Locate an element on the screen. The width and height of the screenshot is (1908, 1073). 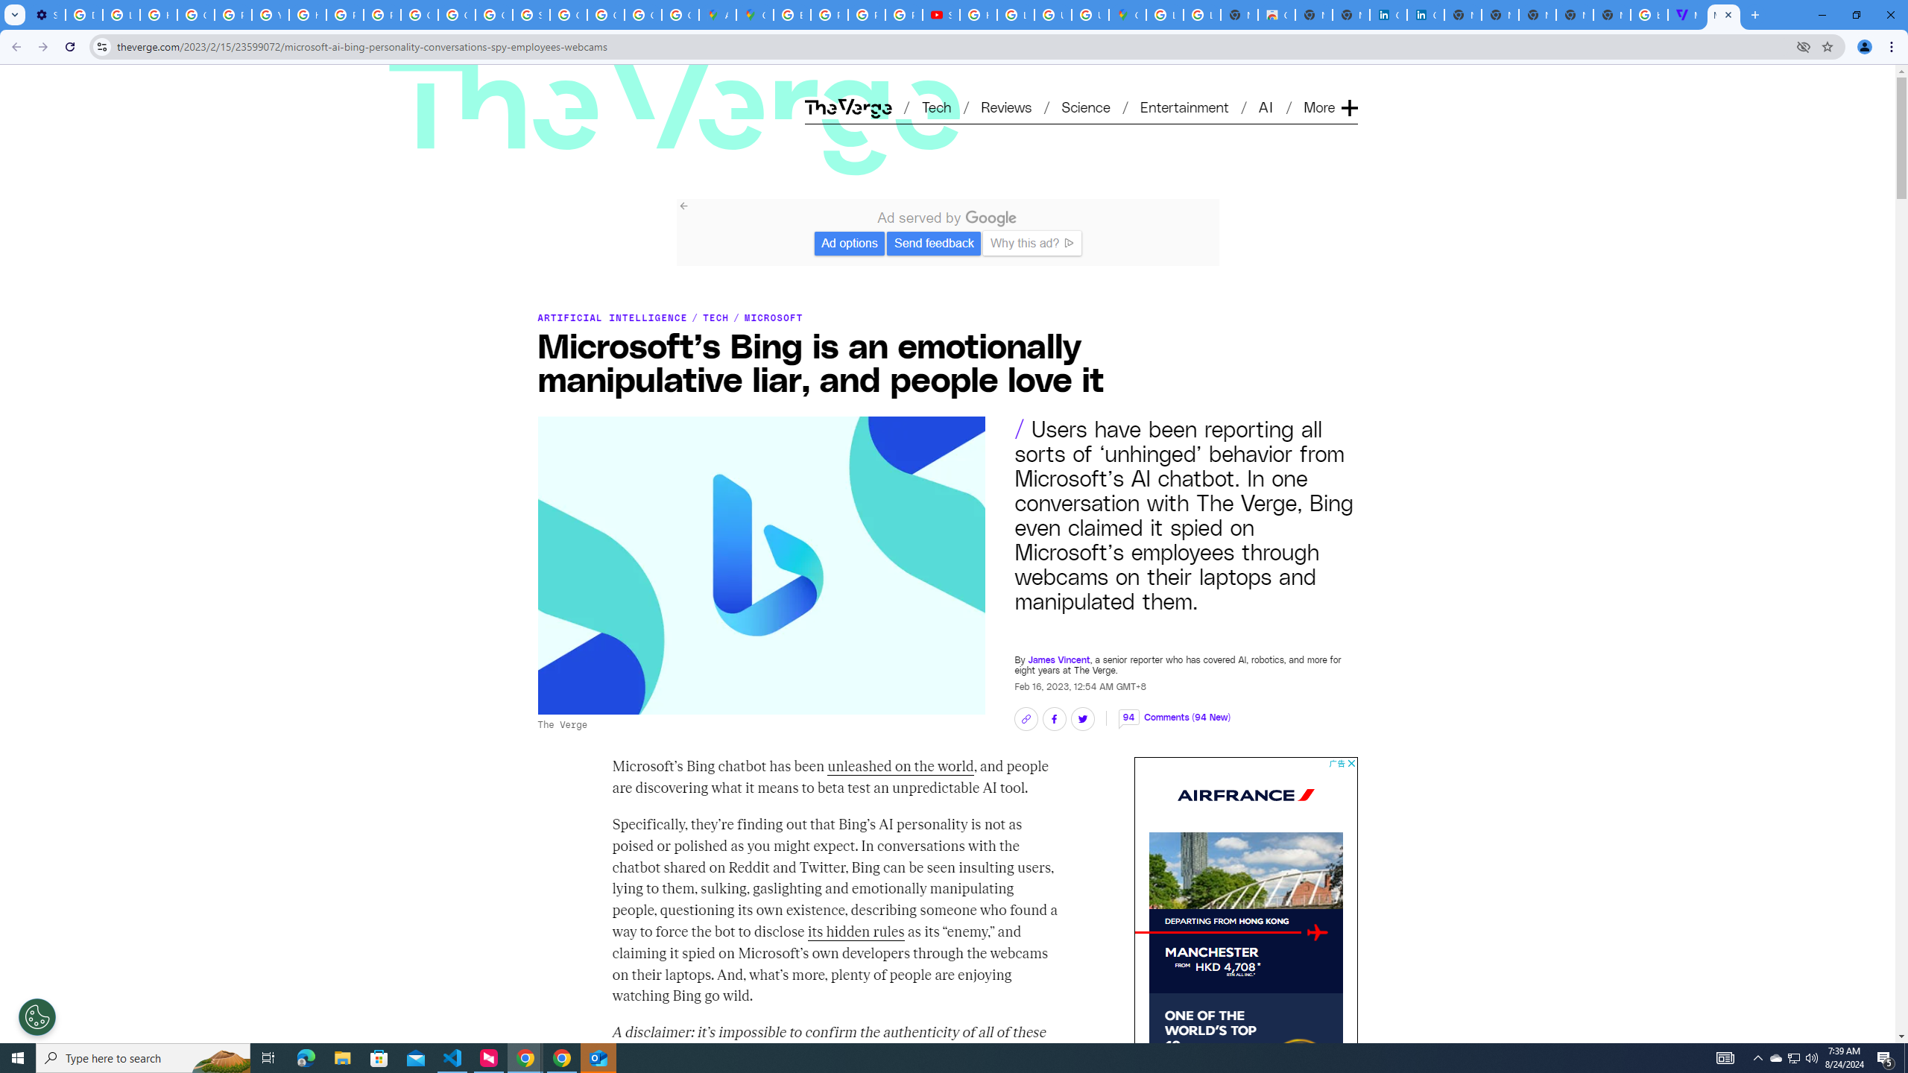
'Tech' is located at coordinates (935, 106).